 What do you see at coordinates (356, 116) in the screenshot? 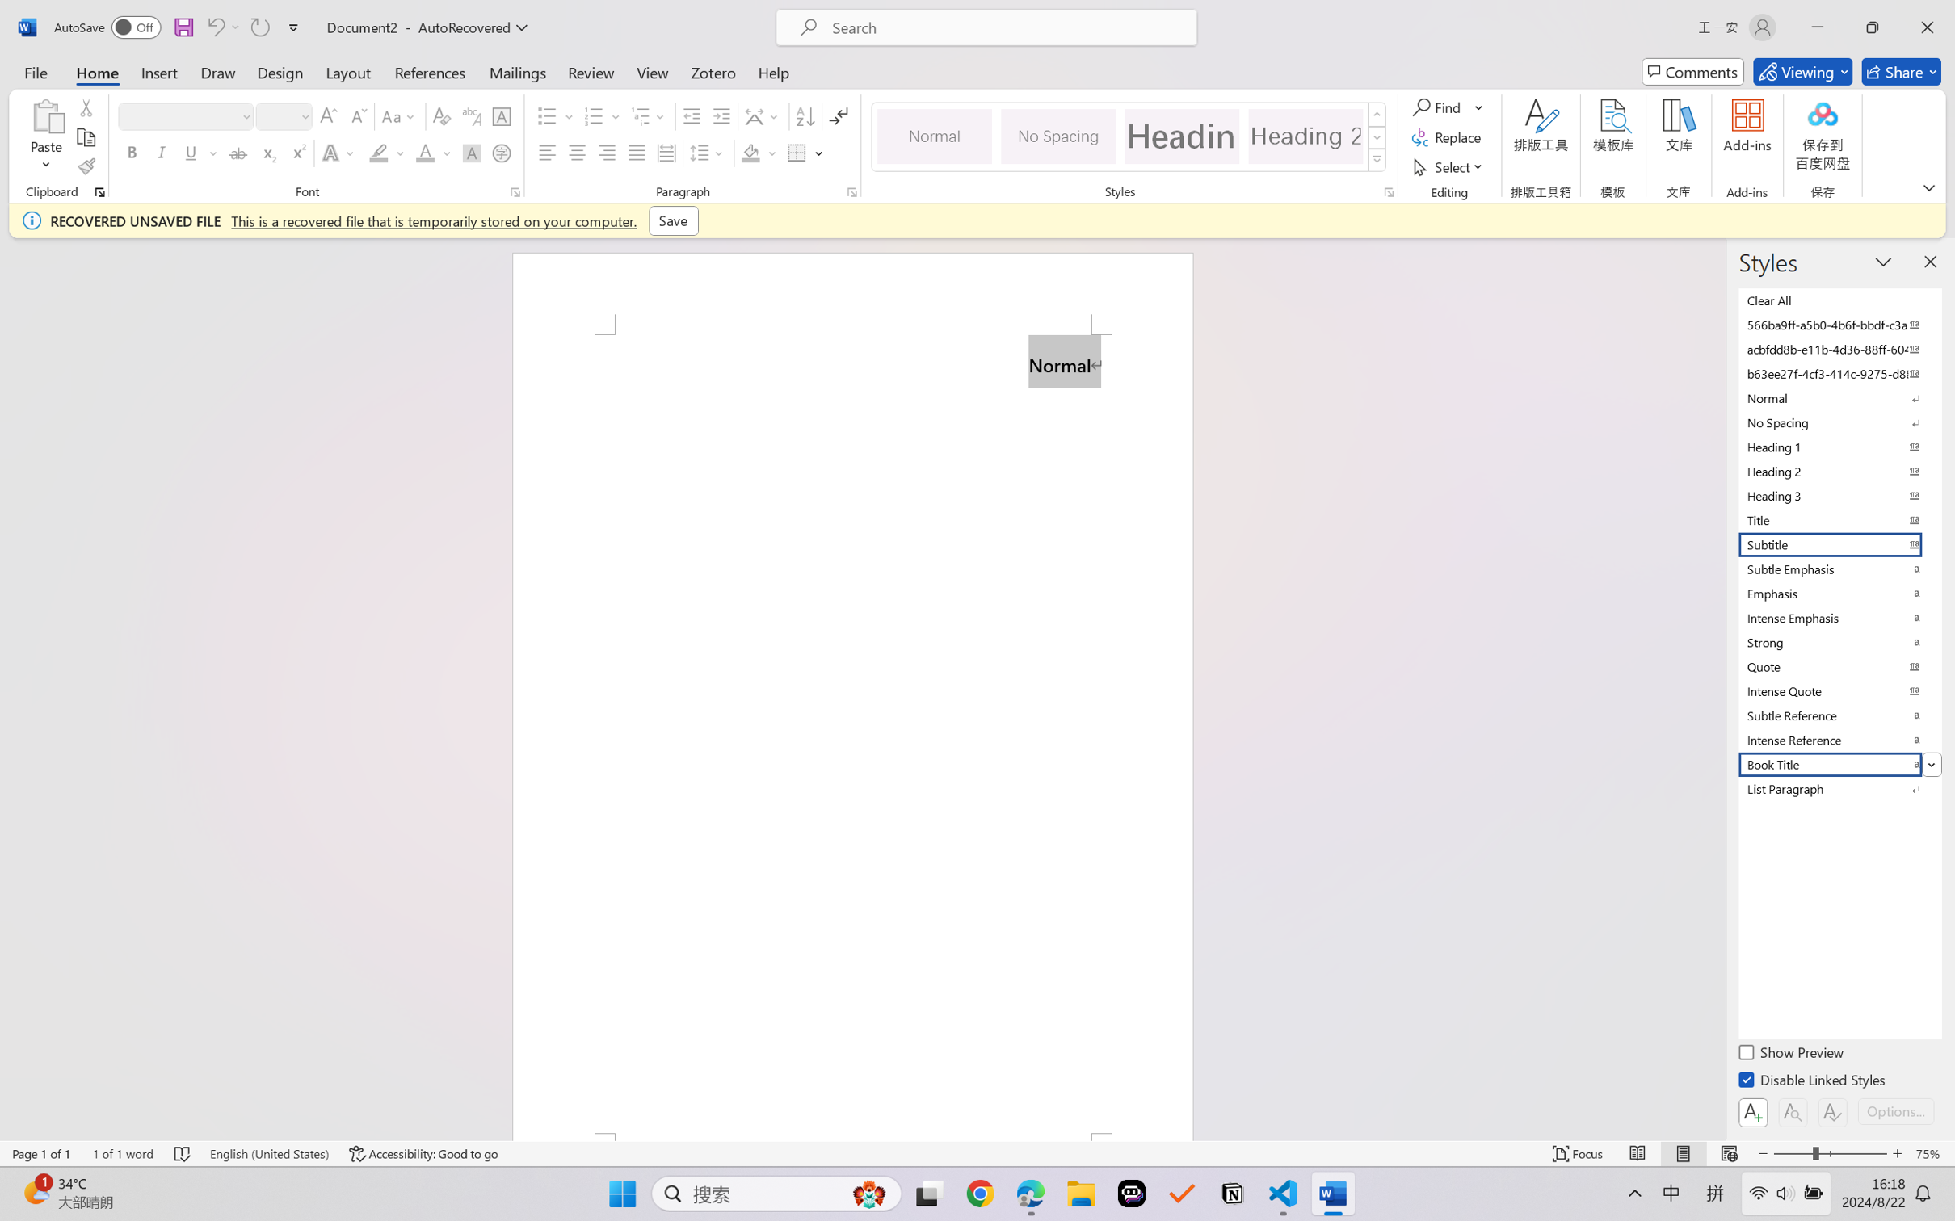
I see `'Shrink Font'` at bounding box center [356, 116].